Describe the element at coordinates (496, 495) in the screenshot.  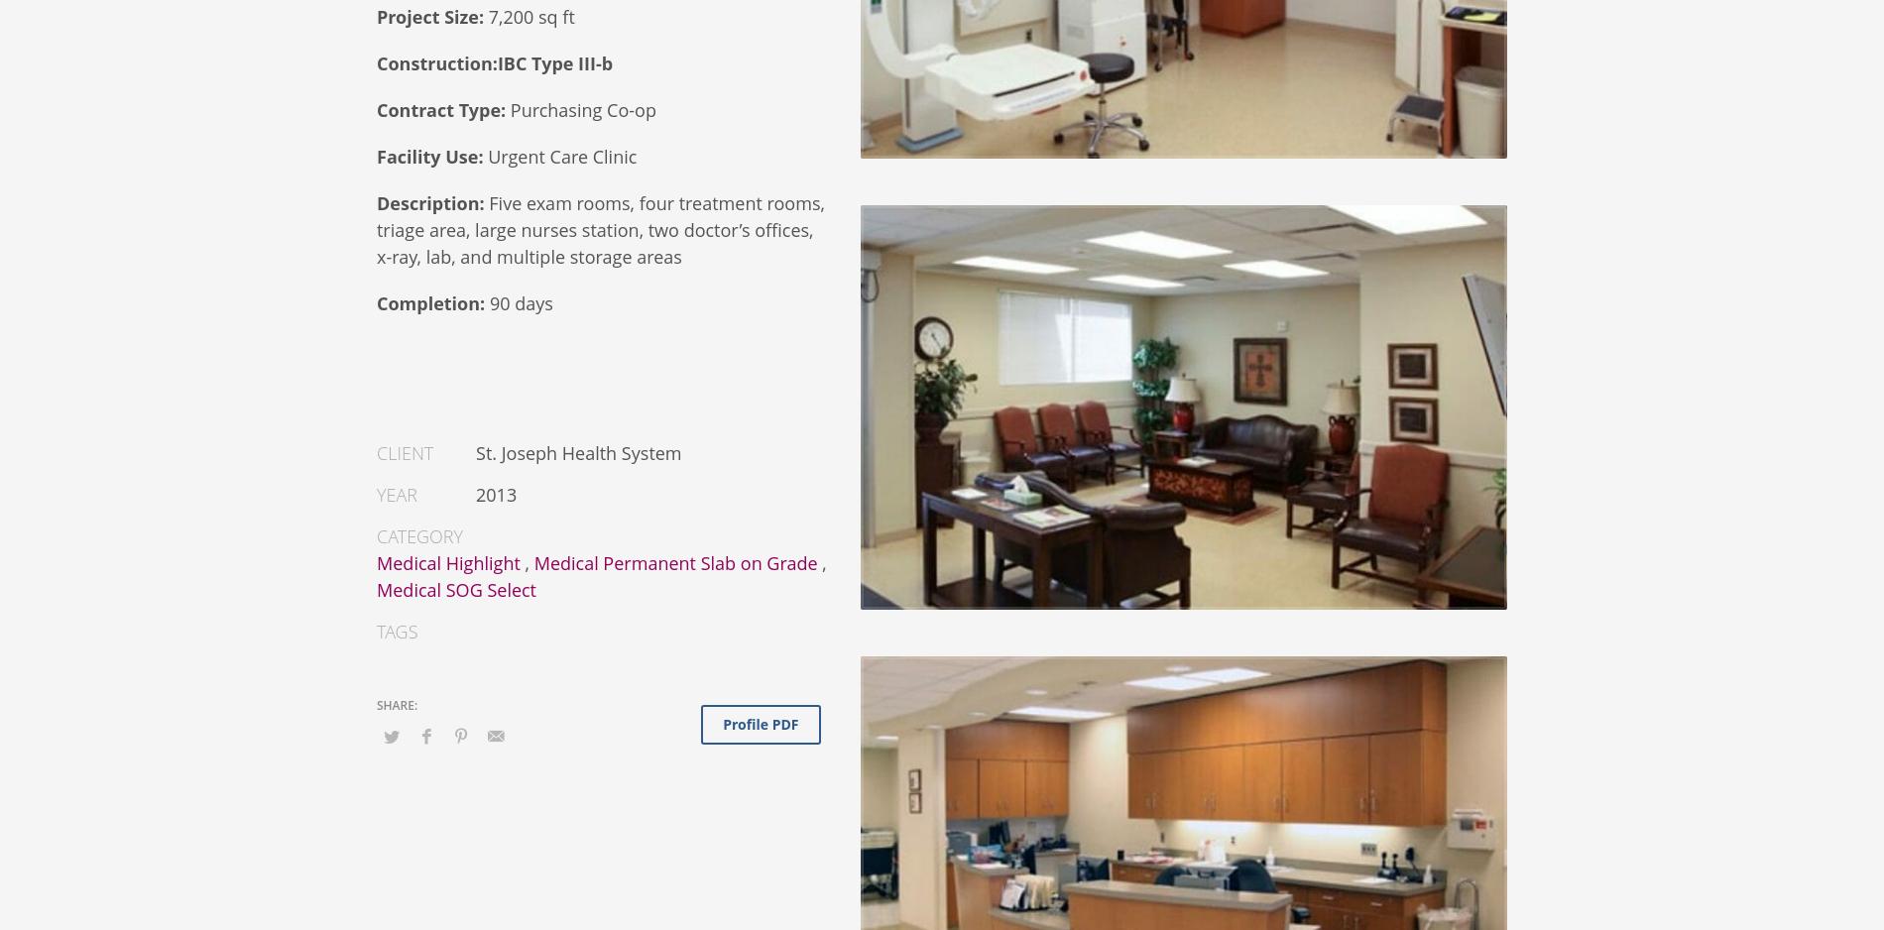
I see `'2013'` at that location.